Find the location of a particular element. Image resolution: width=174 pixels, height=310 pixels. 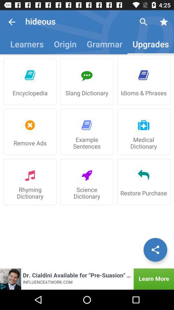

the share icon is located at coordinates (155, 249).